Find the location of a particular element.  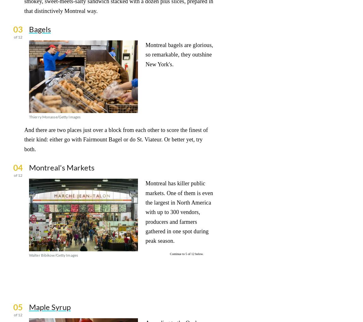

'Bagels' is located at coordinates (39, 29).